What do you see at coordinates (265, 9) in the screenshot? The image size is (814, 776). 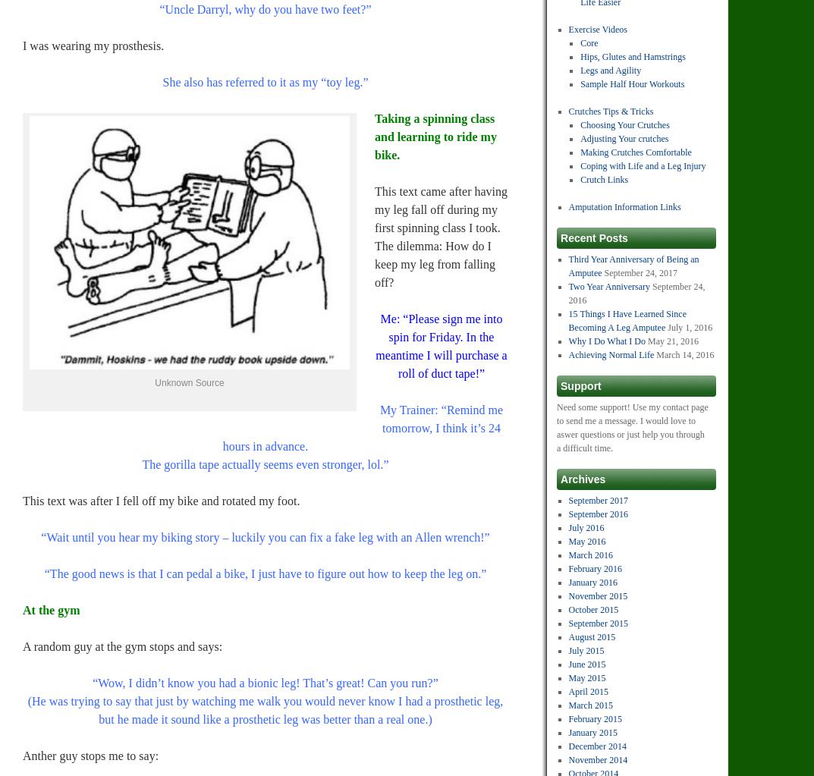 I see `'“Uncle Darryl, why do you have two feet?”'` at bounding box center [265, 9].